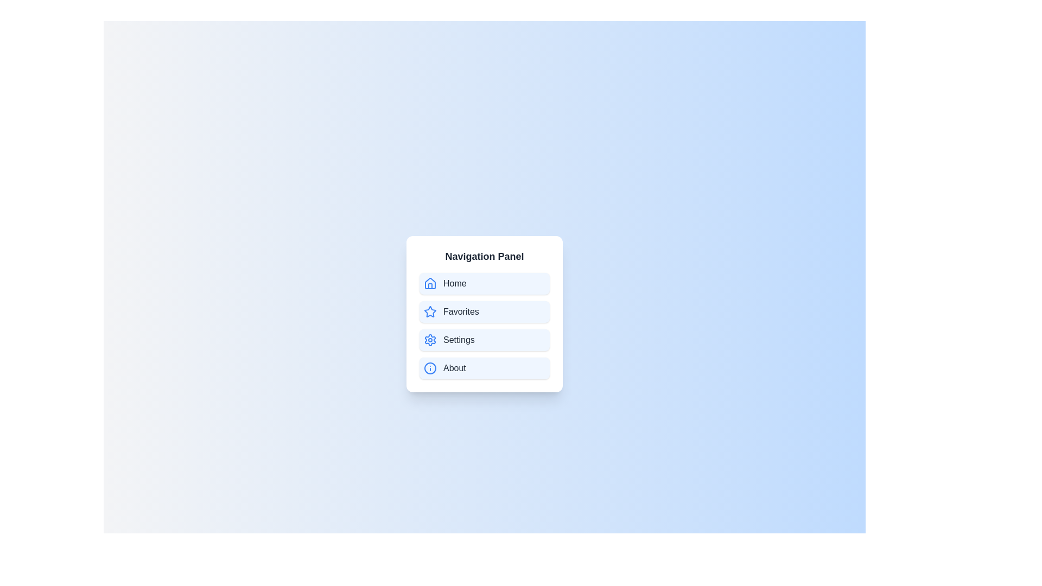 The width and height of the screenshot is (1042, 586). I want to click on the 'Home' icon in the navigation menu, which is located on the far left before the text 'Home', so click(429, 283).